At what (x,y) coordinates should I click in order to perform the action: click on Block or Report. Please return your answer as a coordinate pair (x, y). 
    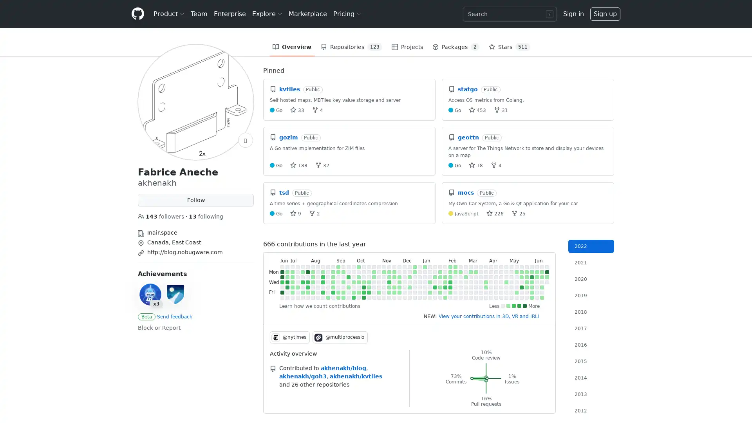
    Looking at the image, I should click on (159, 328).